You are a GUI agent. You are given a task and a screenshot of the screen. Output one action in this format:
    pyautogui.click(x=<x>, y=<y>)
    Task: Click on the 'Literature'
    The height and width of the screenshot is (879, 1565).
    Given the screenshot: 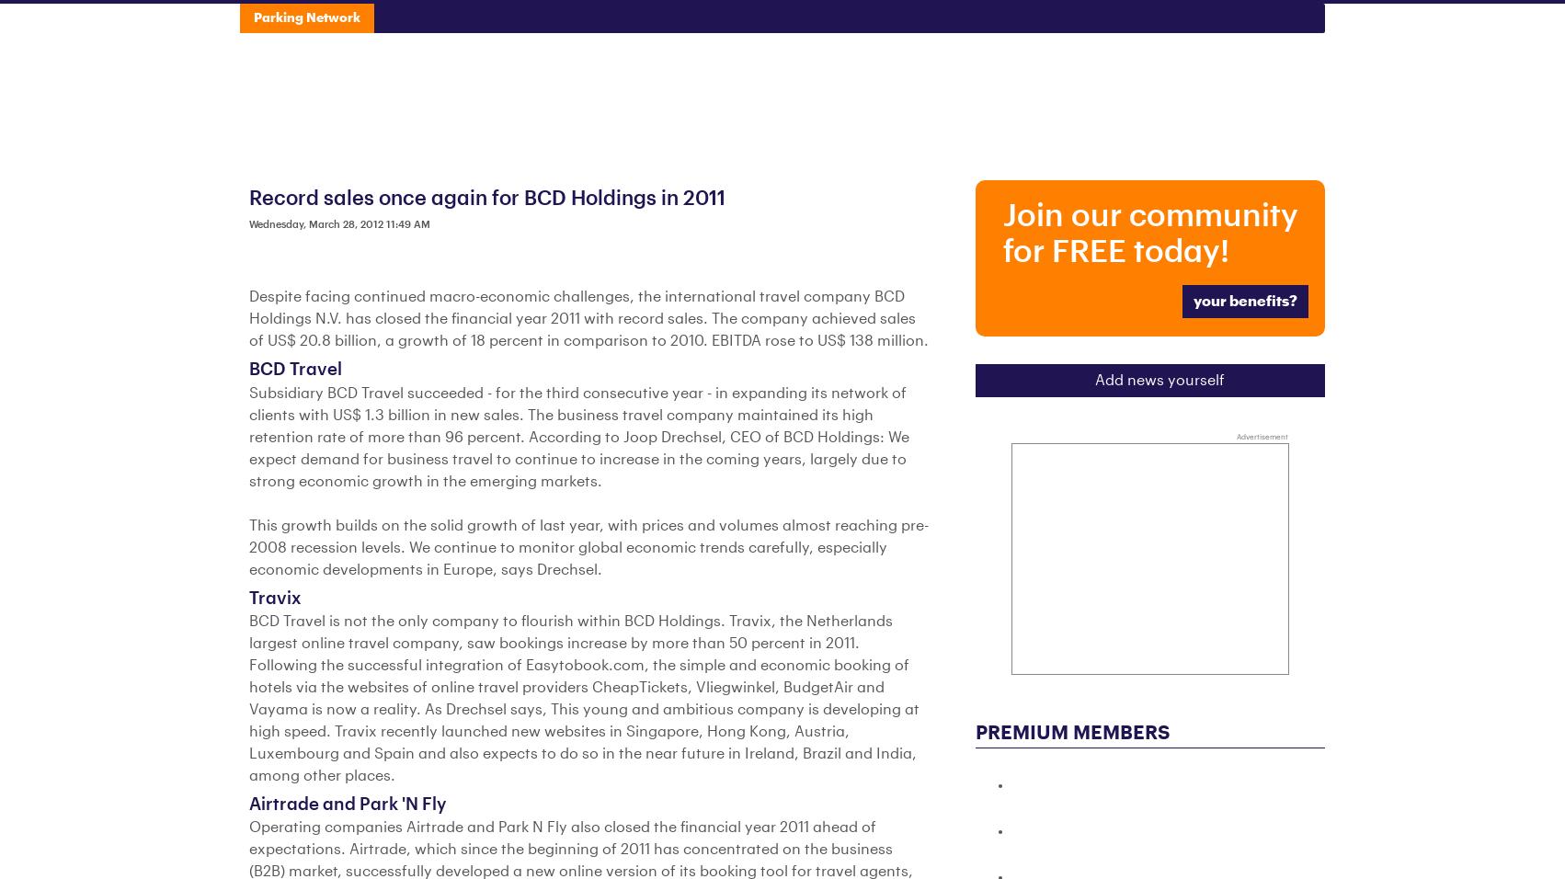 What is the action you would take?
    pyautogui.click(x=858, y=22)
    